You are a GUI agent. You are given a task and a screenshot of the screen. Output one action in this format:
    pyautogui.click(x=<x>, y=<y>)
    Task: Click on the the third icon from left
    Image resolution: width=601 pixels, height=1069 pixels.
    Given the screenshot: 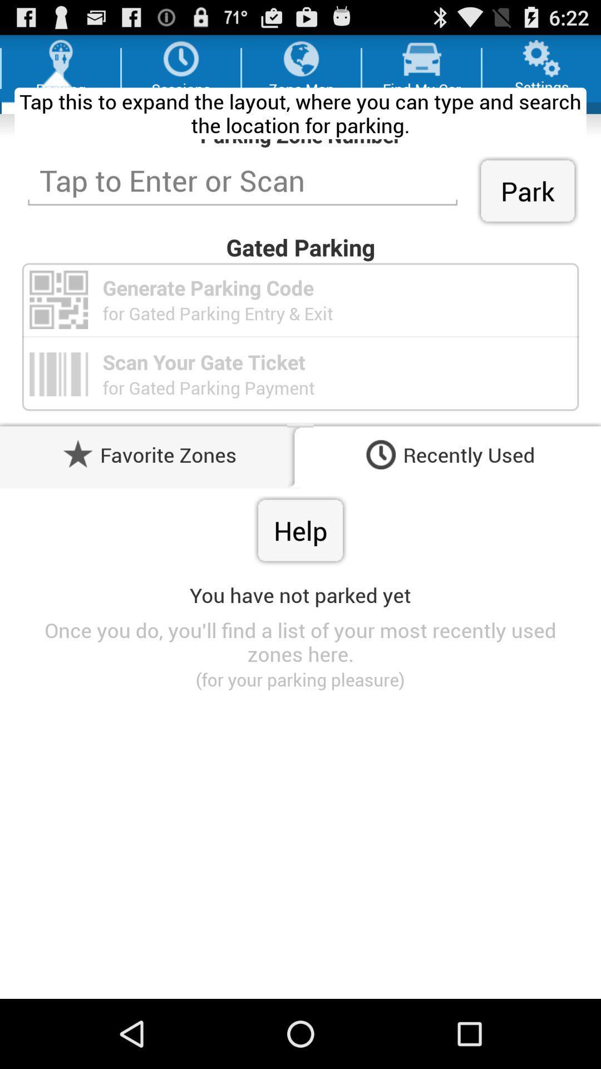 What is the action you would take?
    pyautogui.click(x=301, y=58)
    